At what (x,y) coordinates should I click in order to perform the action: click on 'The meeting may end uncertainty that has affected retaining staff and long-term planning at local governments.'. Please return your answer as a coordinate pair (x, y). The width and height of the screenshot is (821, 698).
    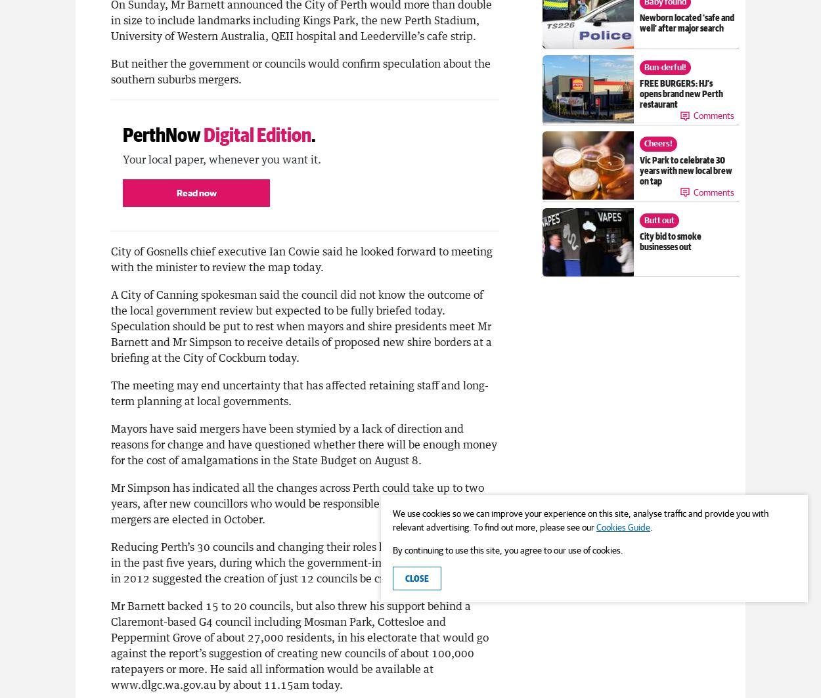
    Looking at the image, I should click on (299, 391).